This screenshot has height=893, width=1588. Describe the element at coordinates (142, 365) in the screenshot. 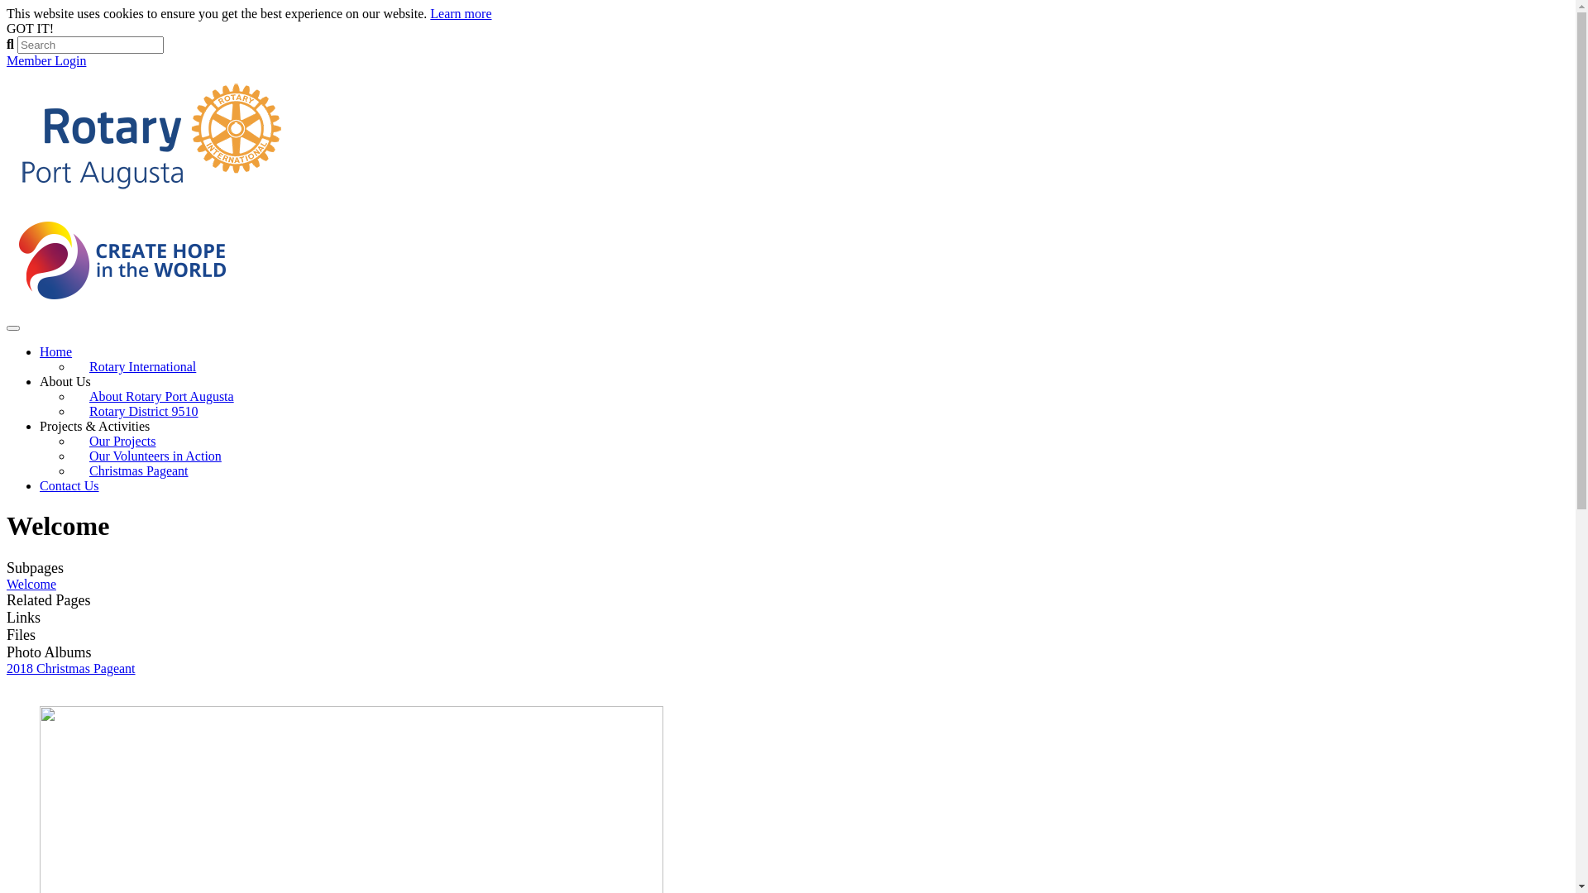

I see `'Rotary International'` at that location.